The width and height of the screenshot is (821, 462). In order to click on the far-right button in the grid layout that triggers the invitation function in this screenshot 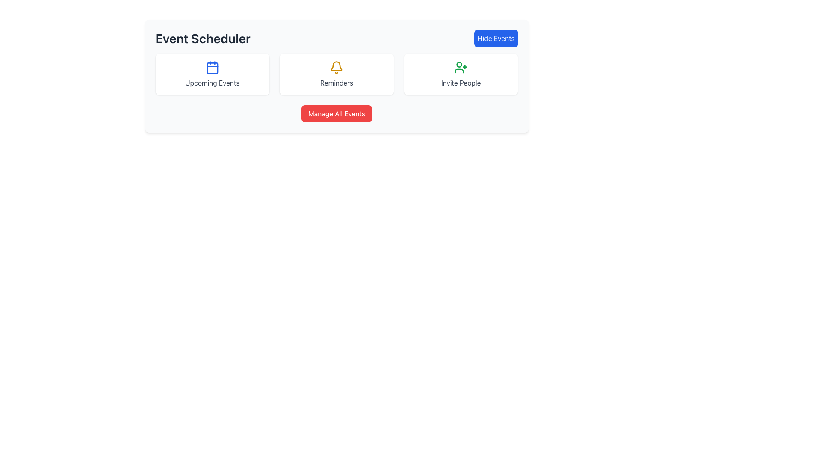, I will do `click(461, 74)`.